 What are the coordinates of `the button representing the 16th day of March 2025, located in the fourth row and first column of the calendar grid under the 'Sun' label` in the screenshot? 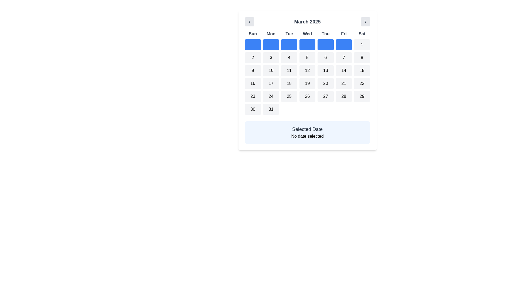 It's located at (253, 83).